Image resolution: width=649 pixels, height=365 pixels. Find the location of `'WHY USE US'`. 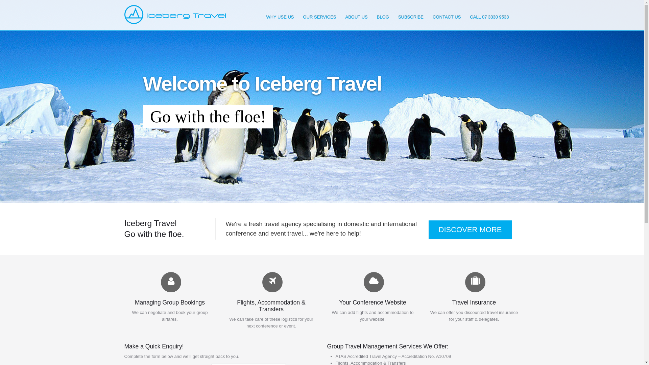

'WHY USE US' is located at coordinates (280, 17).